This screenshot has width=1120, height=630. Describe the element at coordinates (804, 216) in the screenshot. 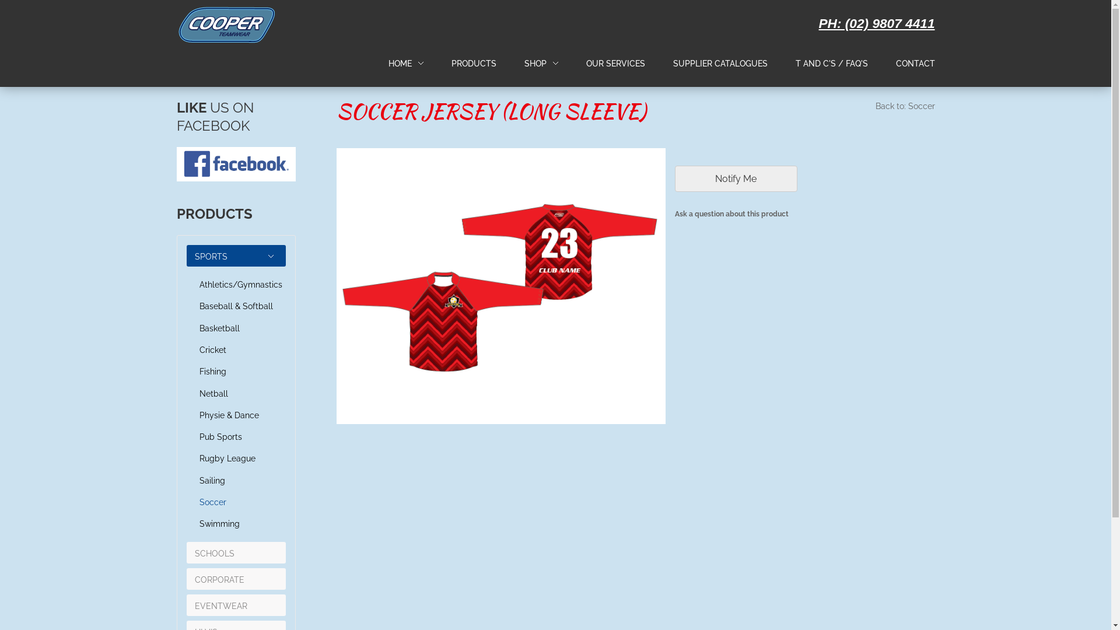

I see `'Ask a question about this product'` at that location.